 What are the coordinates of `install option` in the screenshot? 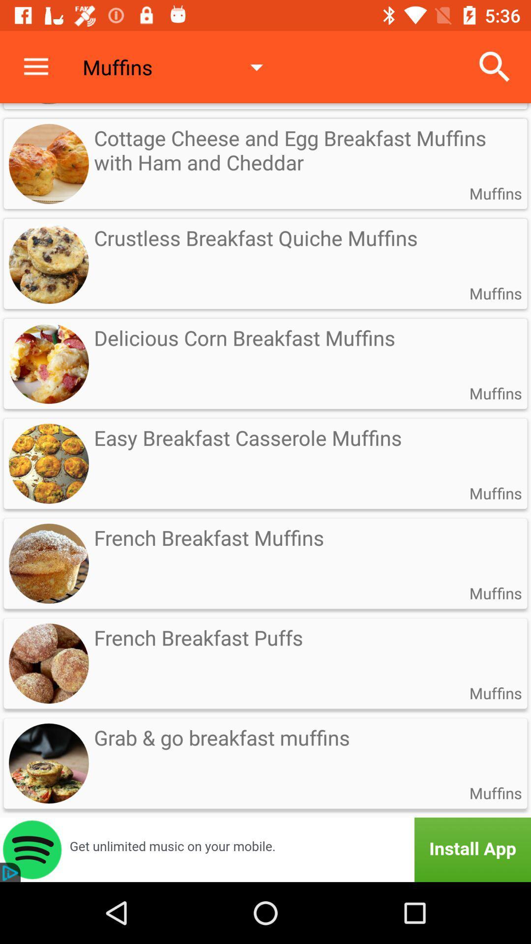 It's located at (265, 849).